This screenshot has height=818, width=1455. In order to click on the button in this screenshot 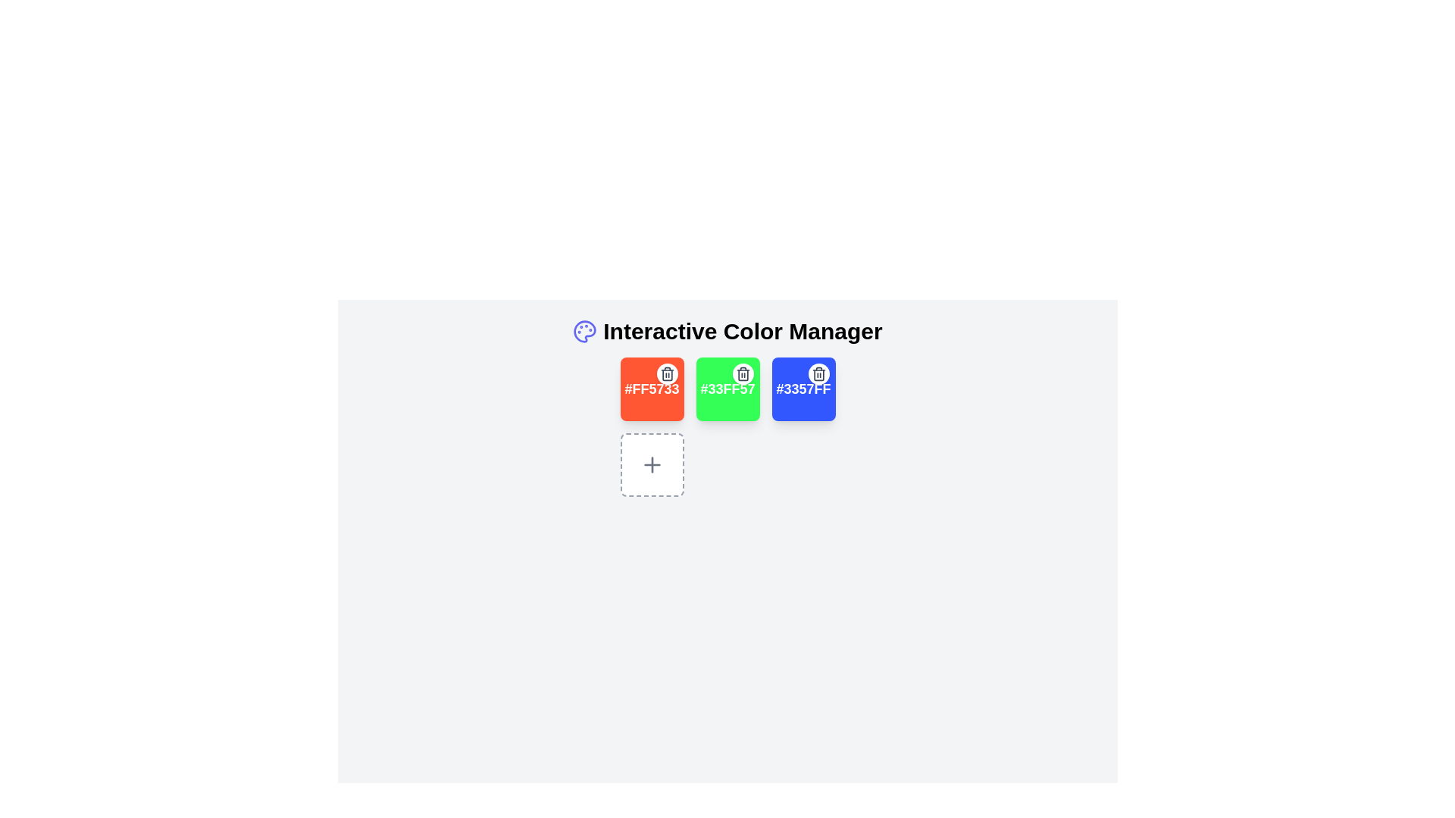, I will do `click(652, 464)`.